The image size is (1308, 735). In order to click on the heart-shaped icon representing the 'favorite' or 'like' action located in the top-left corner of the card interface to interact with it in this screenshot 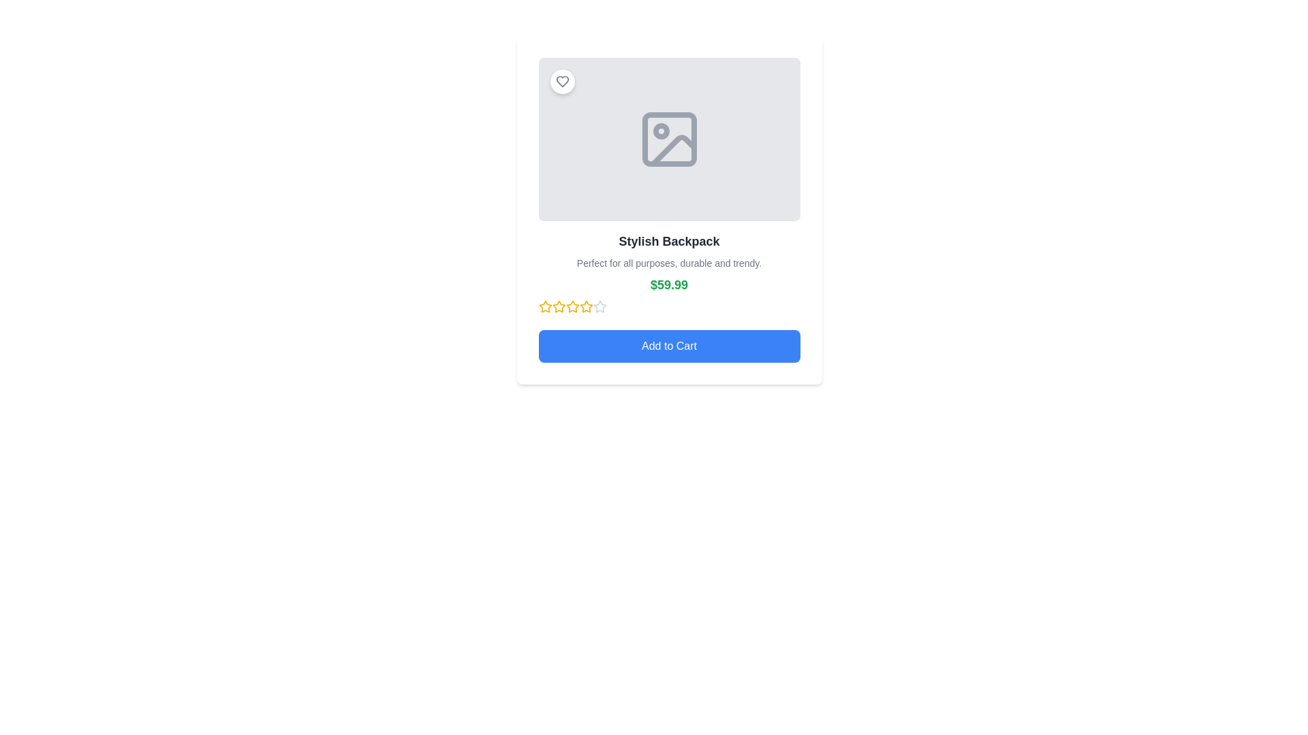, I will do `click(562, 81)`.